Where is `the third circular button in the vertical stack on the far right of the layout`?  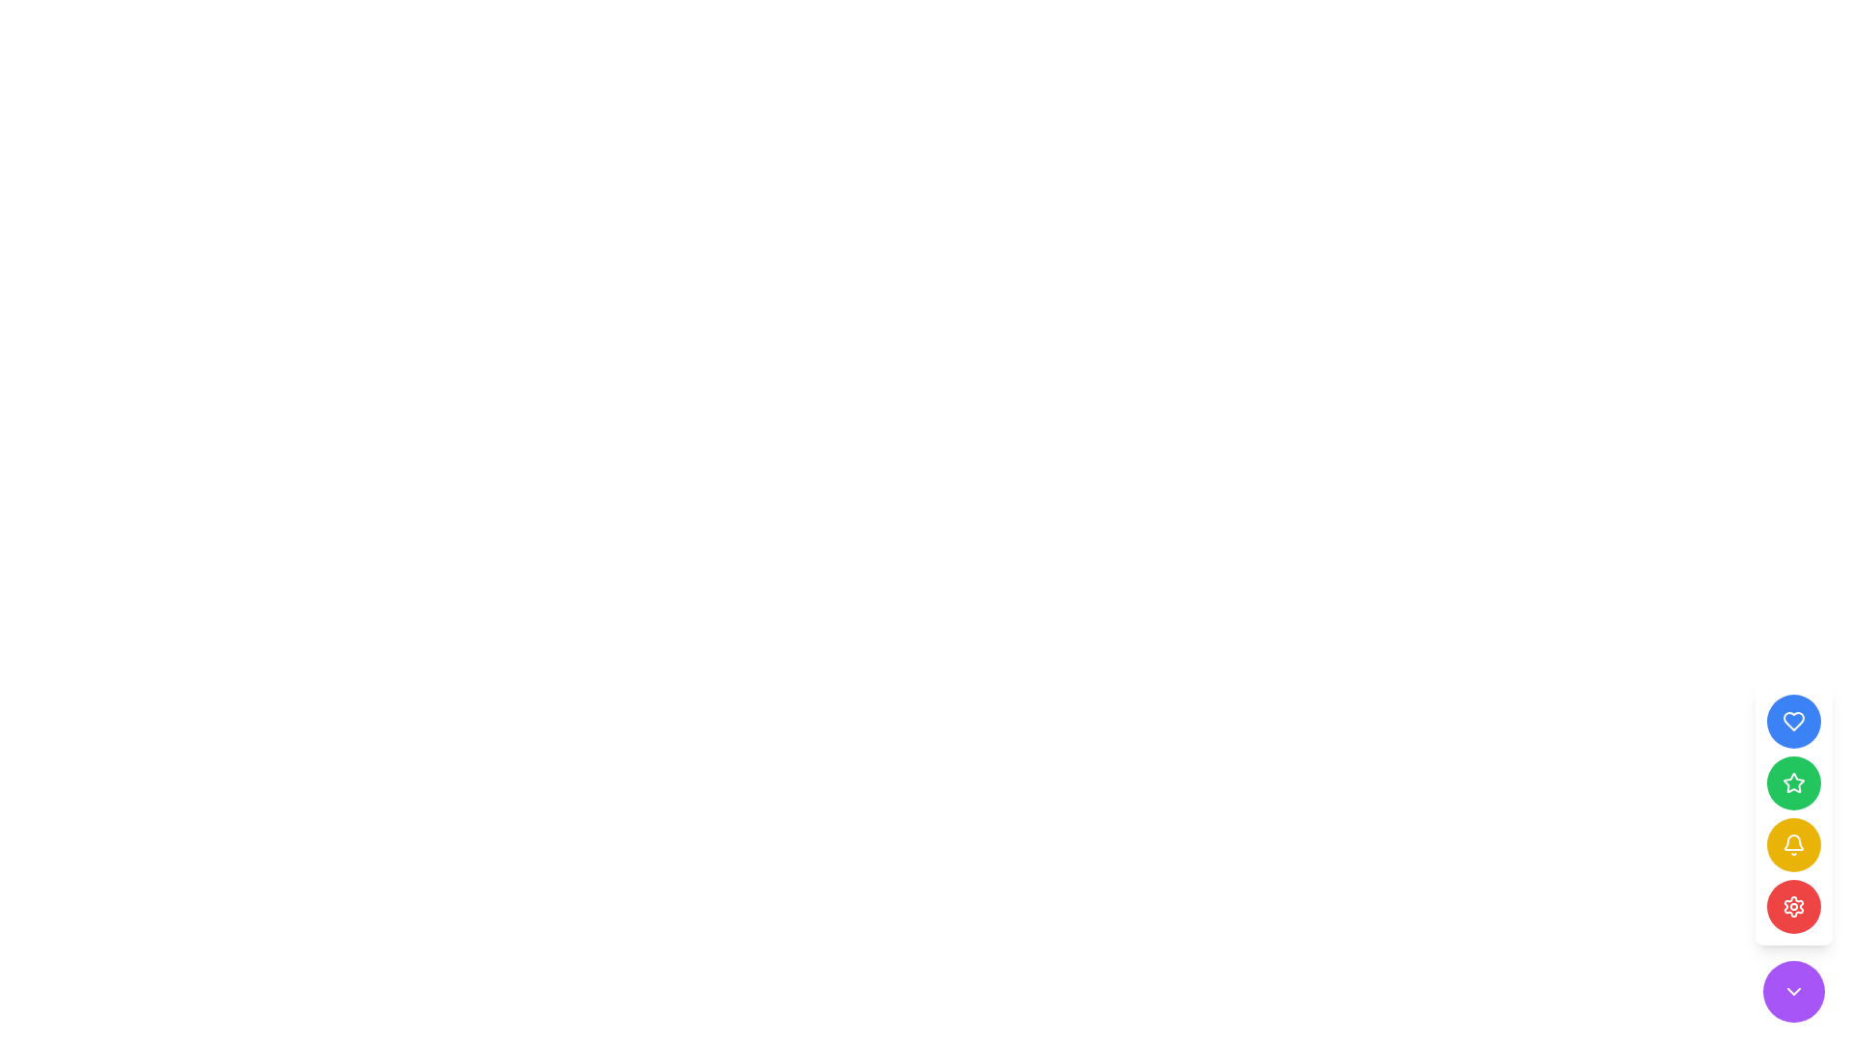 the third circular button in the vertical stack on the far right of the layout is located at coordinates (1793, 783).